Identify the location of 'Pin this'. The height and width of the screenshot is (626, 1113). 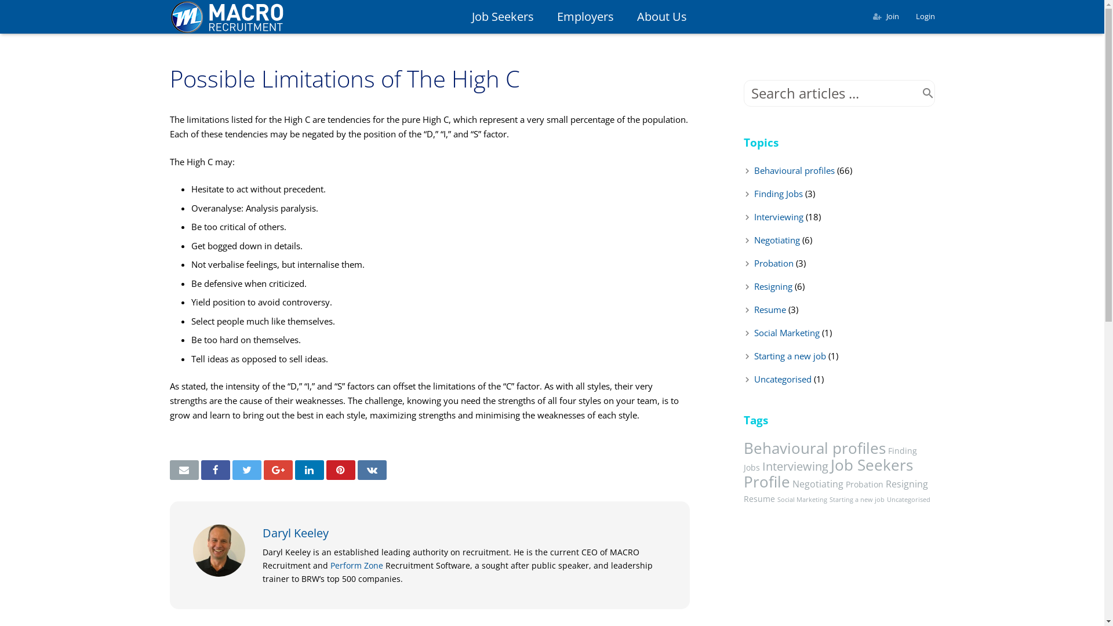
(339, 469).